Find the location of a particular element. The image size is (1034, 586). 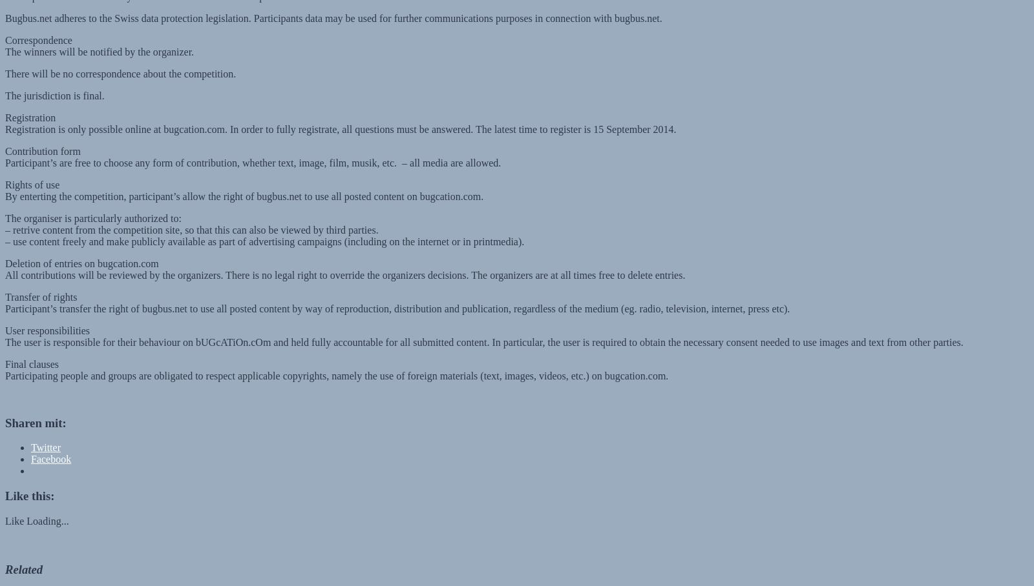

'Registration is only possible online at bugcation.com. In order to fully registrate, all questions must be answered. The latest time to register is 15 September 2014.' is located at coordinates (340, 116).